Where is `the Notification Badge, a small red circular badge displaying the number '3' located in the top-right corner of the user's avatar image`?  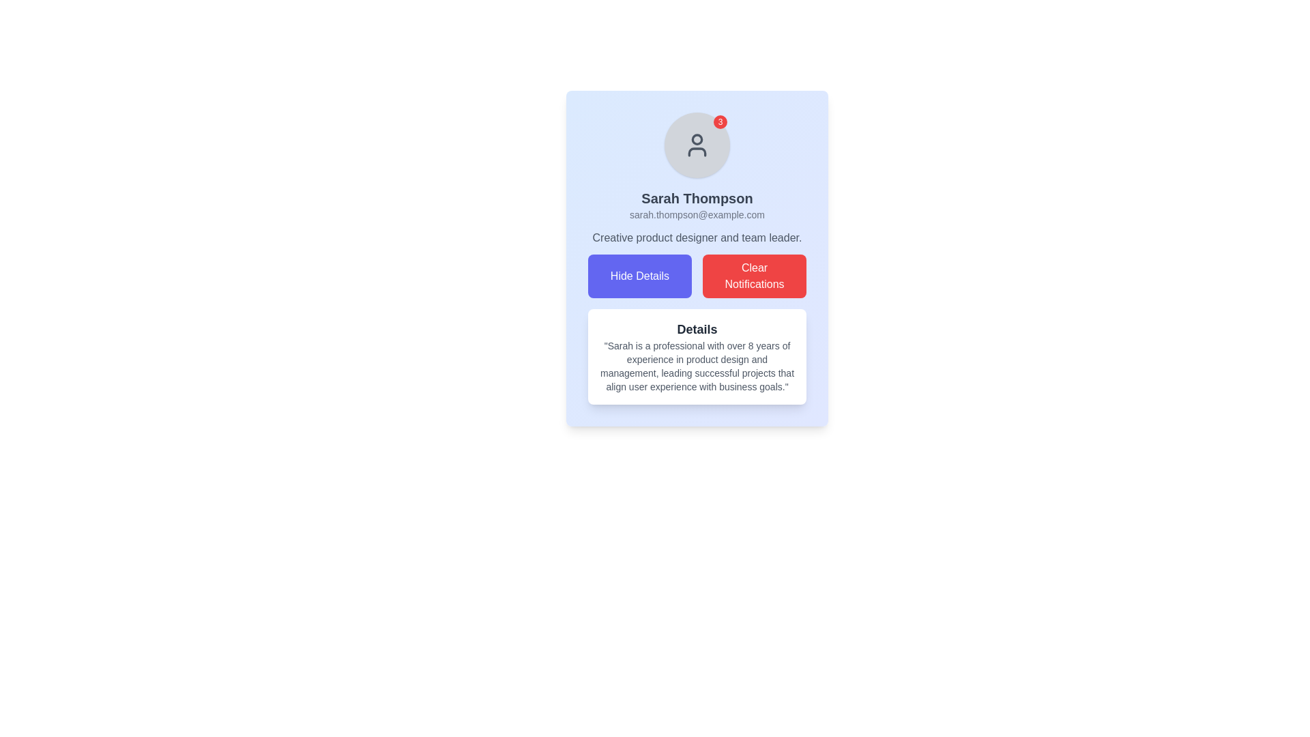 the Notification Badge, a small red circular badge displaying the number '3' located in the top-right corner of the user's avatar image is located at coordinates (720, 121).